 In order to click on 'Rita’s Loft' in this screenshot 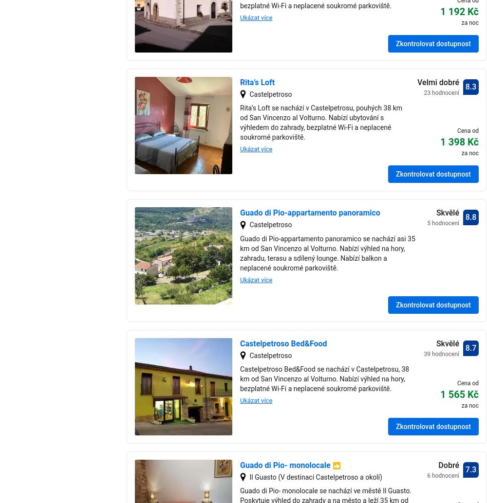, I will do `click(257, 82)`.